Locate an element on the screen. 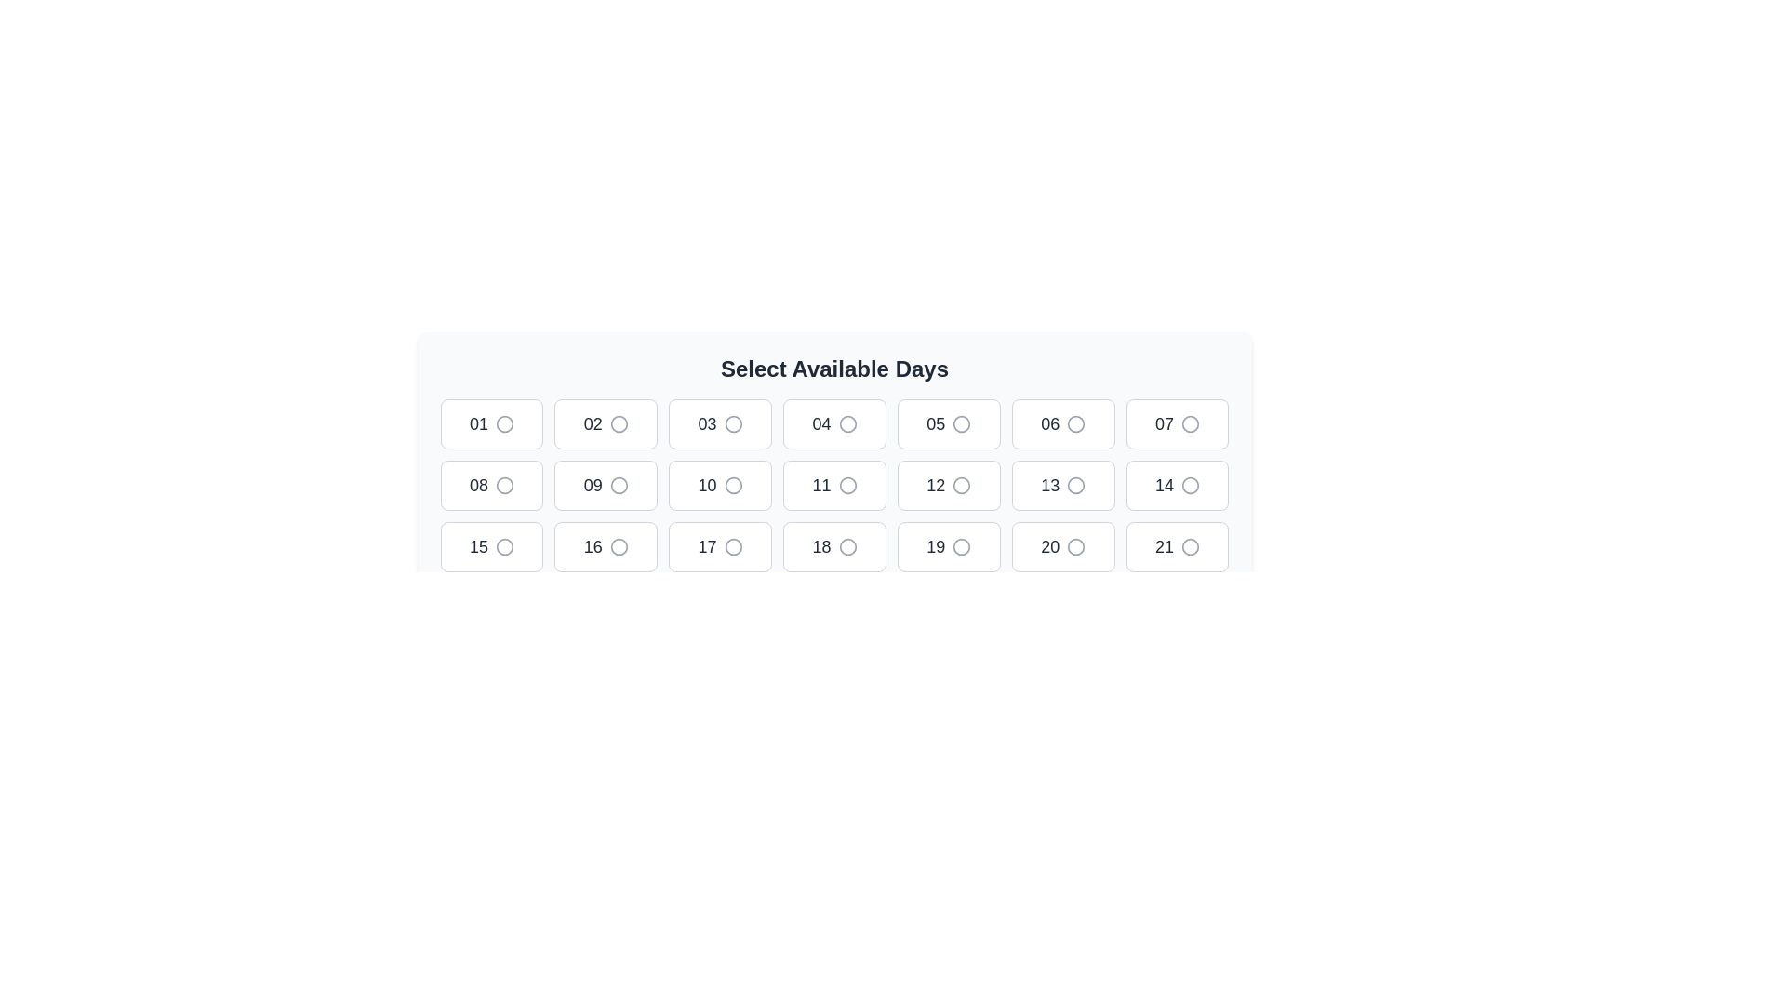 The image size is (1786, 1005). the Static Number Label that displays '02', located in the second cell of the first row of a grid layout is located at coordinates (592, 423).